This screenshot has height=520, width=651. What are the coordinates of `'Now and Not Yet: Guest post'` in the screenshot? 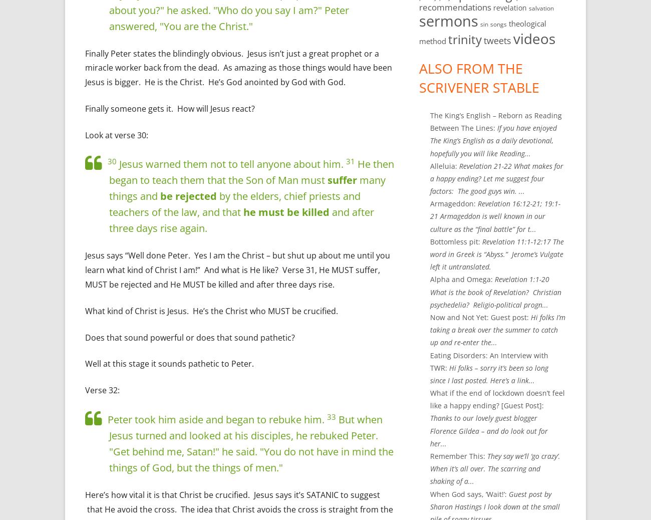 It's located at (478, 316).